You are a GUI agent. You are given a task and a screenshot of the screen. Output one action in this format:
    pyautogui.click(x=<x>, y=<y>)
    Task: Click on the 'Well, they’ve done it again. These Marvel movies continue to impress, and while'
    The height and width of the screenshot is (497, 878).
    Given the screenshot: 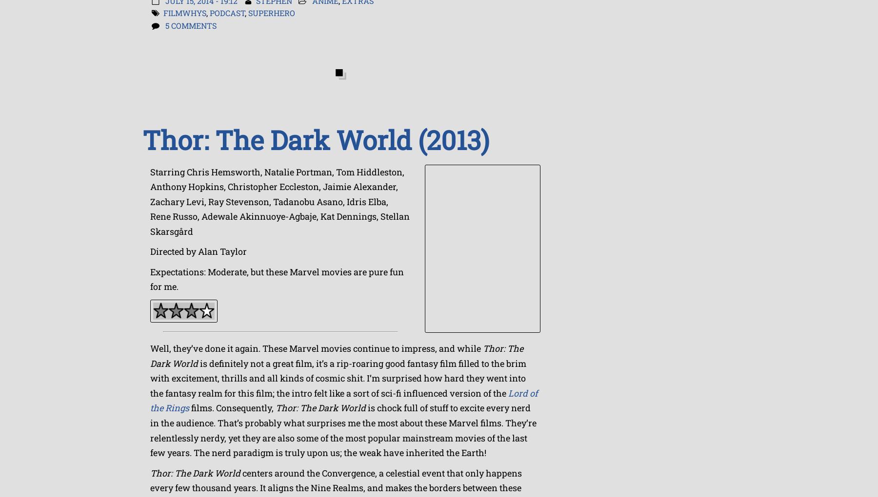 What is the action you would take?
    pyautogui.click(x=317, y=348)
    